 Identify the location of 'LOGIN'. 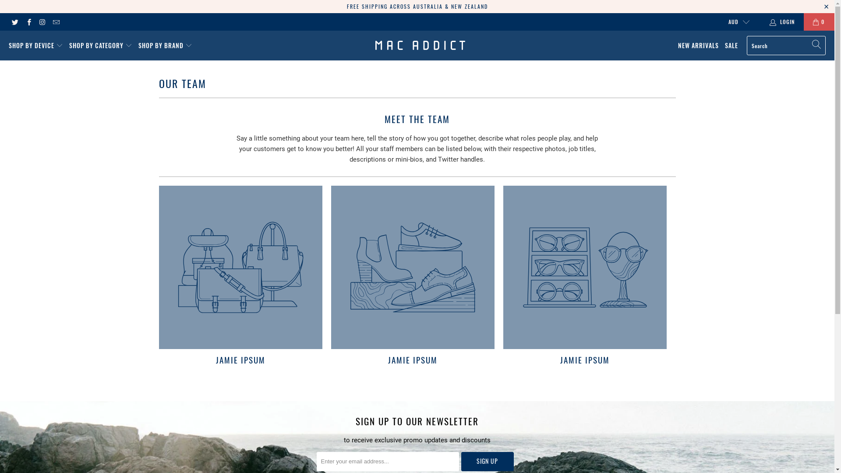
(783, 21).